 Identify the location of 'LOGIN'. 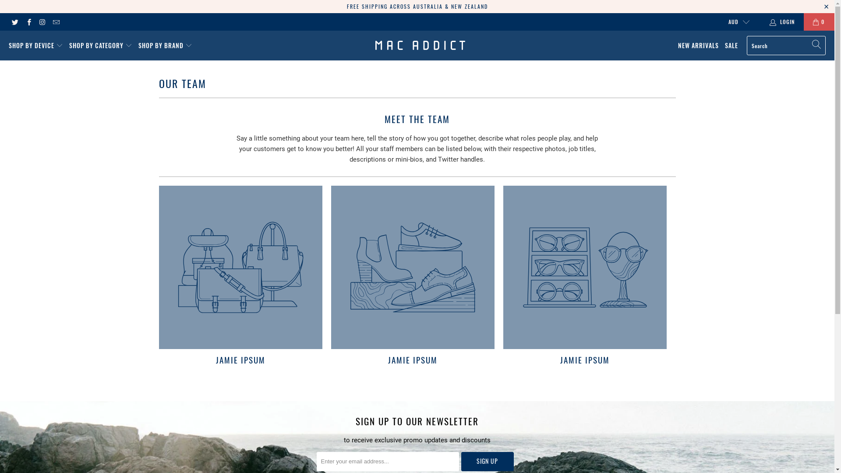
(783, 21).